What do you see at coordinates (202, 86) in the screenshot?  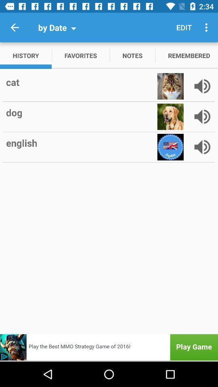 I see `volume control/mute option` at bounding box center [202, 86].